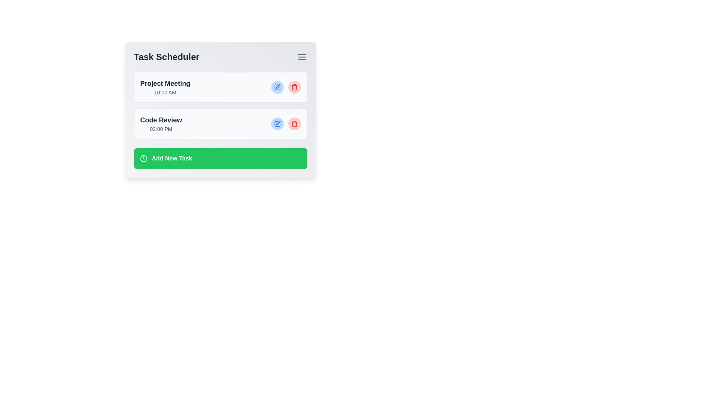  Describe the element at coordinates (277, 122) in the screenshot. I see `the pencil icon located in the second task entry of the task scheduler UI, which is the first icon beside the 'Code Review' task` at that location.